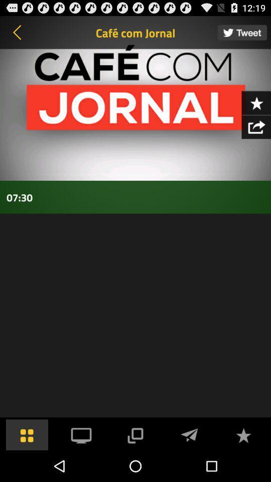 The height and width of the screenshot is (482, 271). I want to click on favourite this page, so click(256, 102).